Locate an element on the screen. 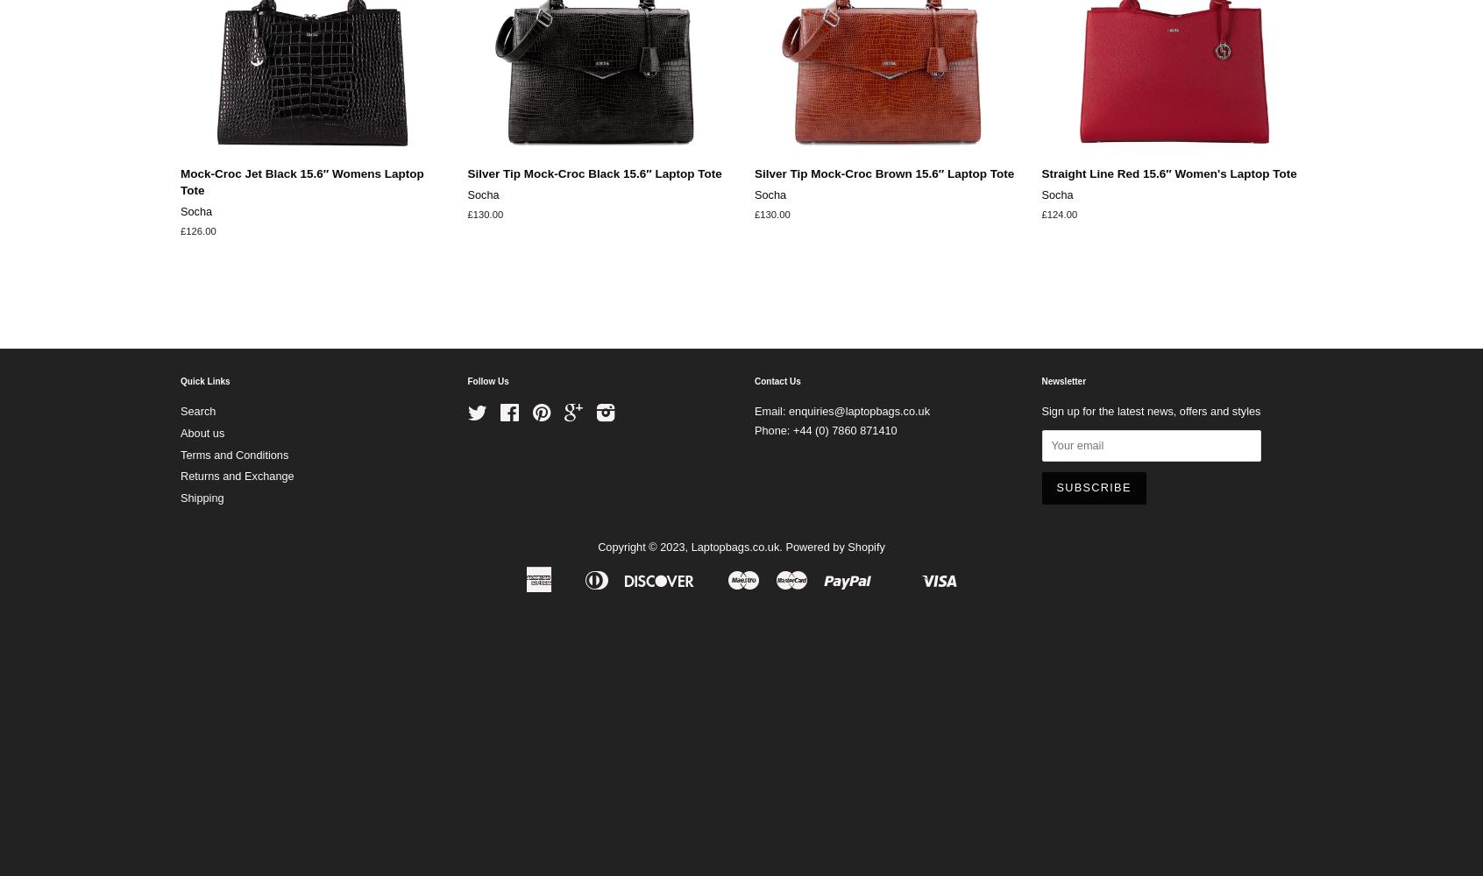  'Copyright © 2023,' is located at coordinates (643, 546).